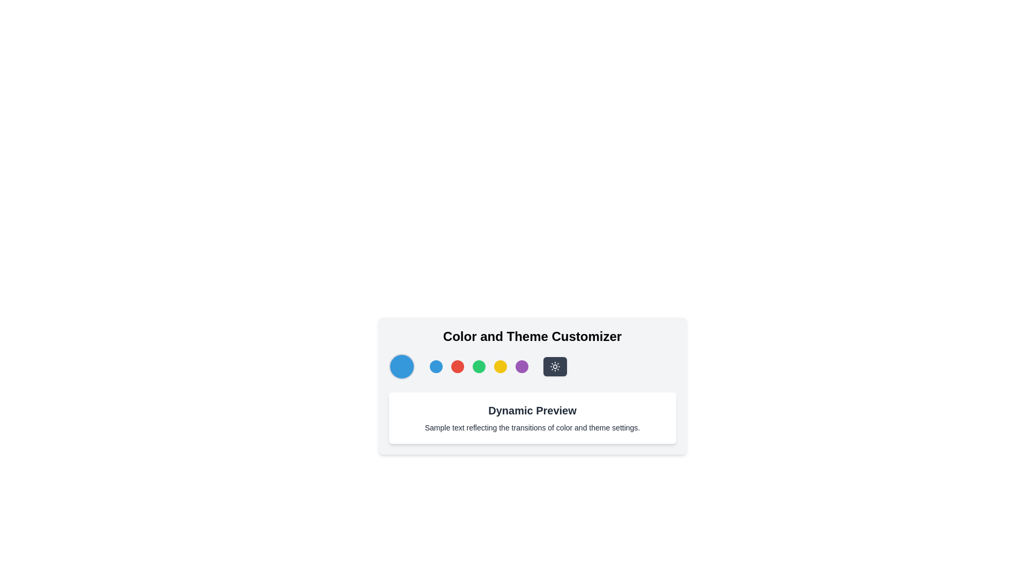  What do you see at coordinates (532, 427) in the screenshot?
I see `the static text displaying 'Sample text reflecting the transitions of color and theme settings.' which is located beneath the 'Dynamic Preview' heading in a white rounded rectangular card` at bounding box center [532, 427].